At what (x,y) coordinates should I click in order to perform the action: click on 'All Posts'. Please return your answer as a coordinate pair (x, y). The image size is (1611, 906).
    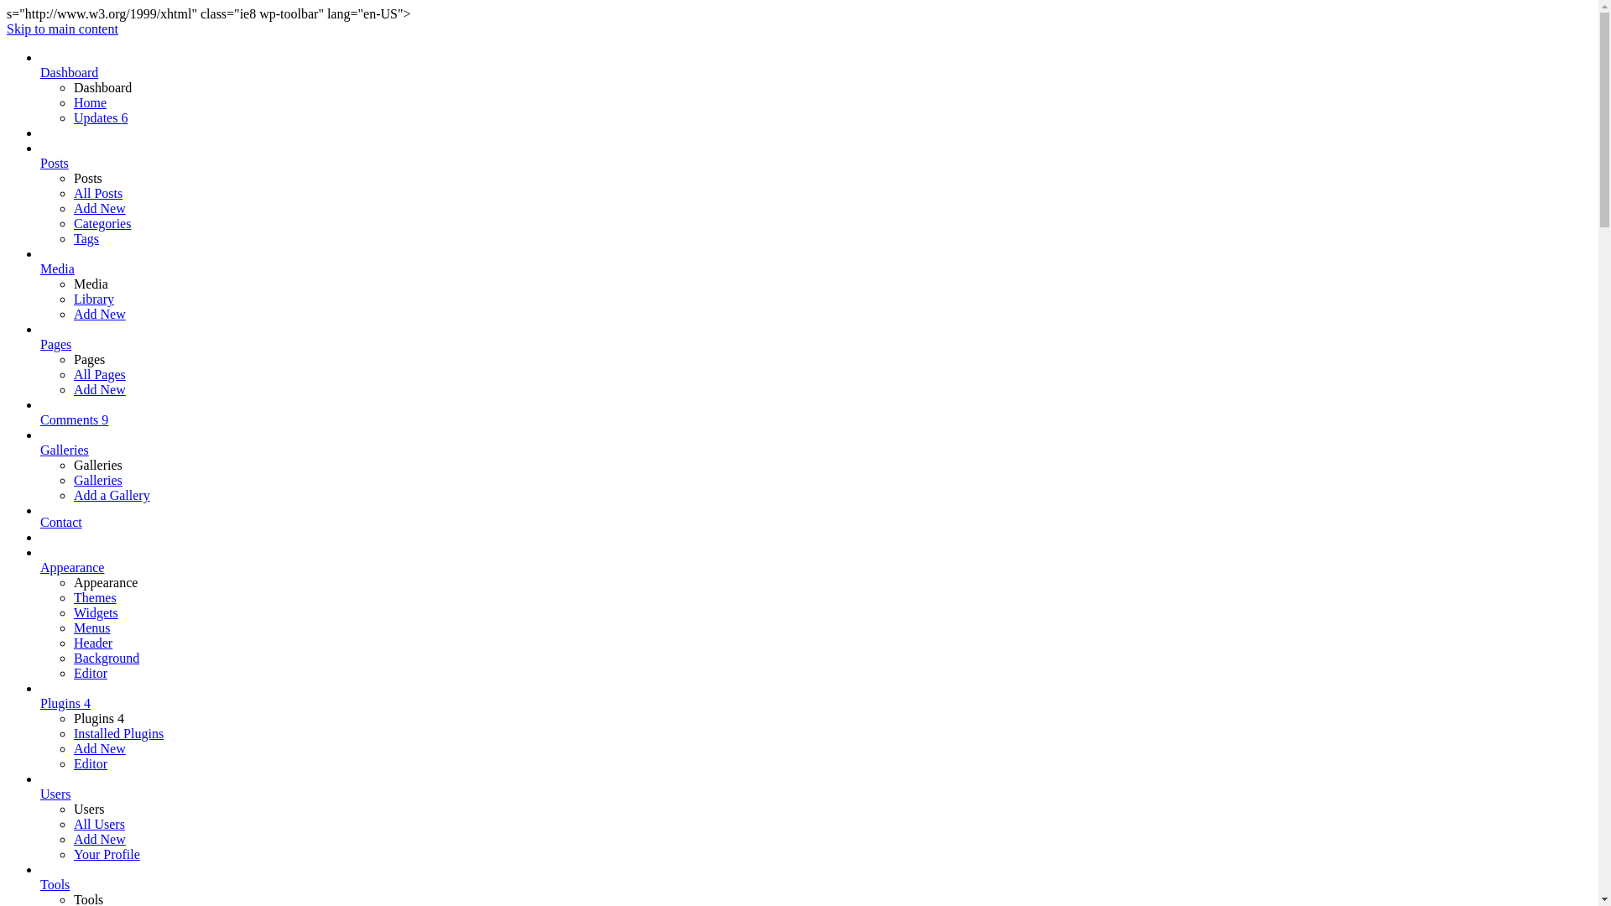
    Looking at the image, I should click on (96, 192).